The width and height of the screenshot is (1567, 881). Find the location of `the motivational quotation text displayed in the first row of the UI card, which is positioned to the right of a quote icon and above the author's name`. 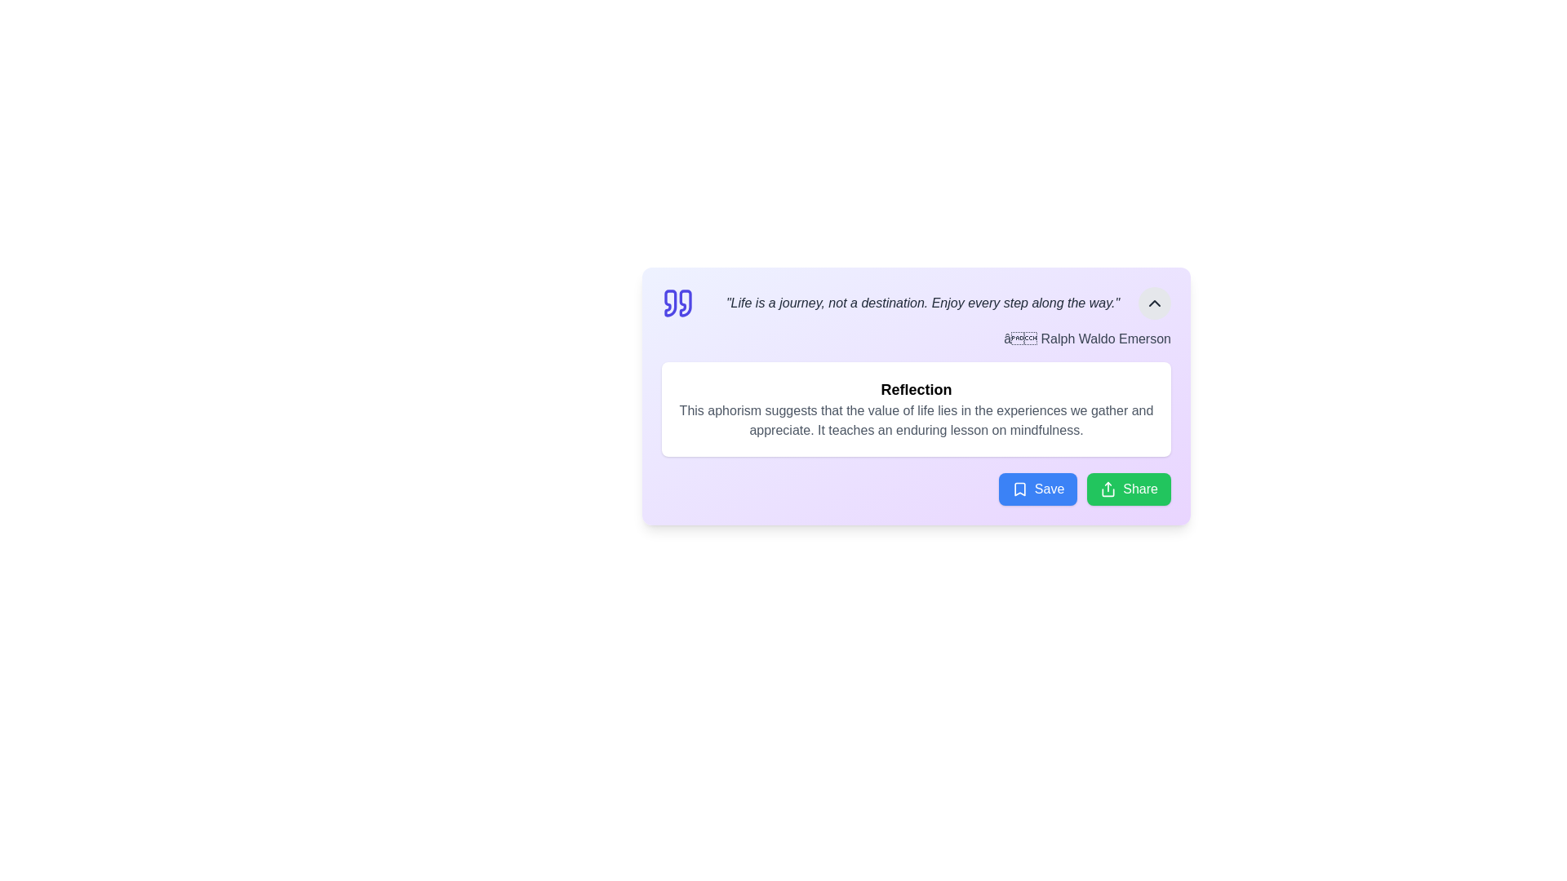

the motivational quotation text displayed in the first row of the UI card, which is positioned to the right of a quote icon and above the author's name is located at coordinates (923, 303).